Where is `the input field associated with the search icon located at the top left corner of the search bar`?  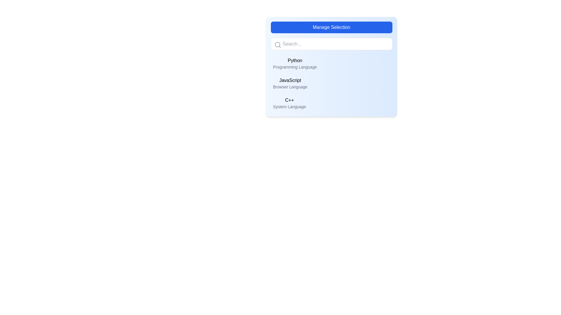 the input field associated with the search icon located at the top left corner of the search bar is located at coordinates (277, 45).